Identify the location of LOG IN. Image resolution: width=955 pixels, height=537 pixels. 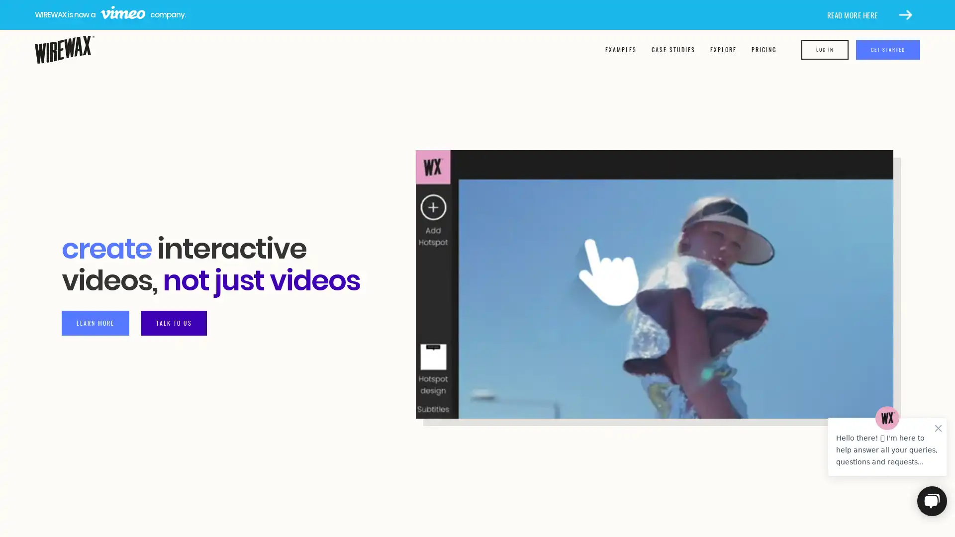
(825, 50).